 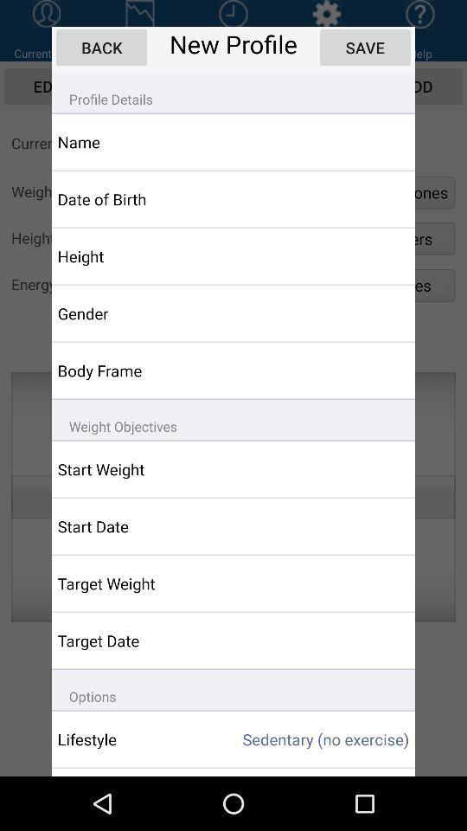 What do you see at coordinates (134, 312) in the screenshot?
I see `the gender icon` at bounding box center [134, 312].